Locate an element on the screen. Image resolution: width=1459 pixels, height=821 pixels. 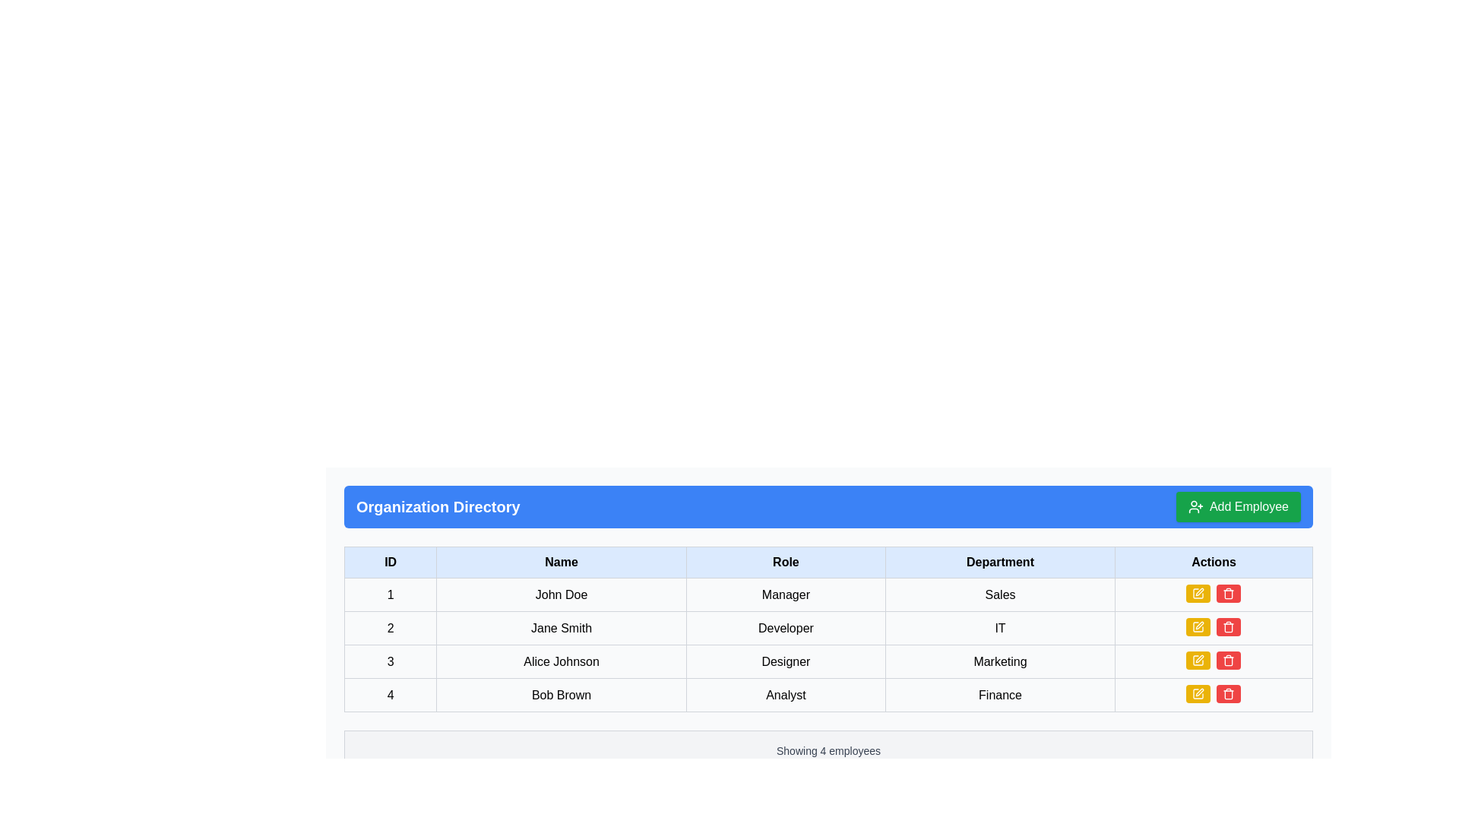
the text cell displaying 'Developer' in the table, which is the third cell in the second row under the 'Role' column for employee 'Jane Smith' is located at coordinates (786, 628).